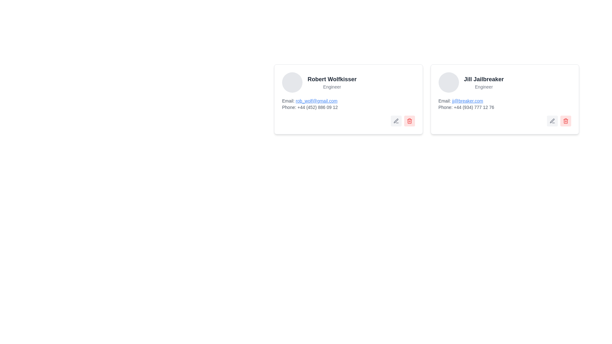  Describe the element at coordinates (409, 121) in the screenshot. I see `the delete button with a trash can icon located in the bottom-right corner of Robert Wolfkisser's profile card to trigger a hover effect` at that location.